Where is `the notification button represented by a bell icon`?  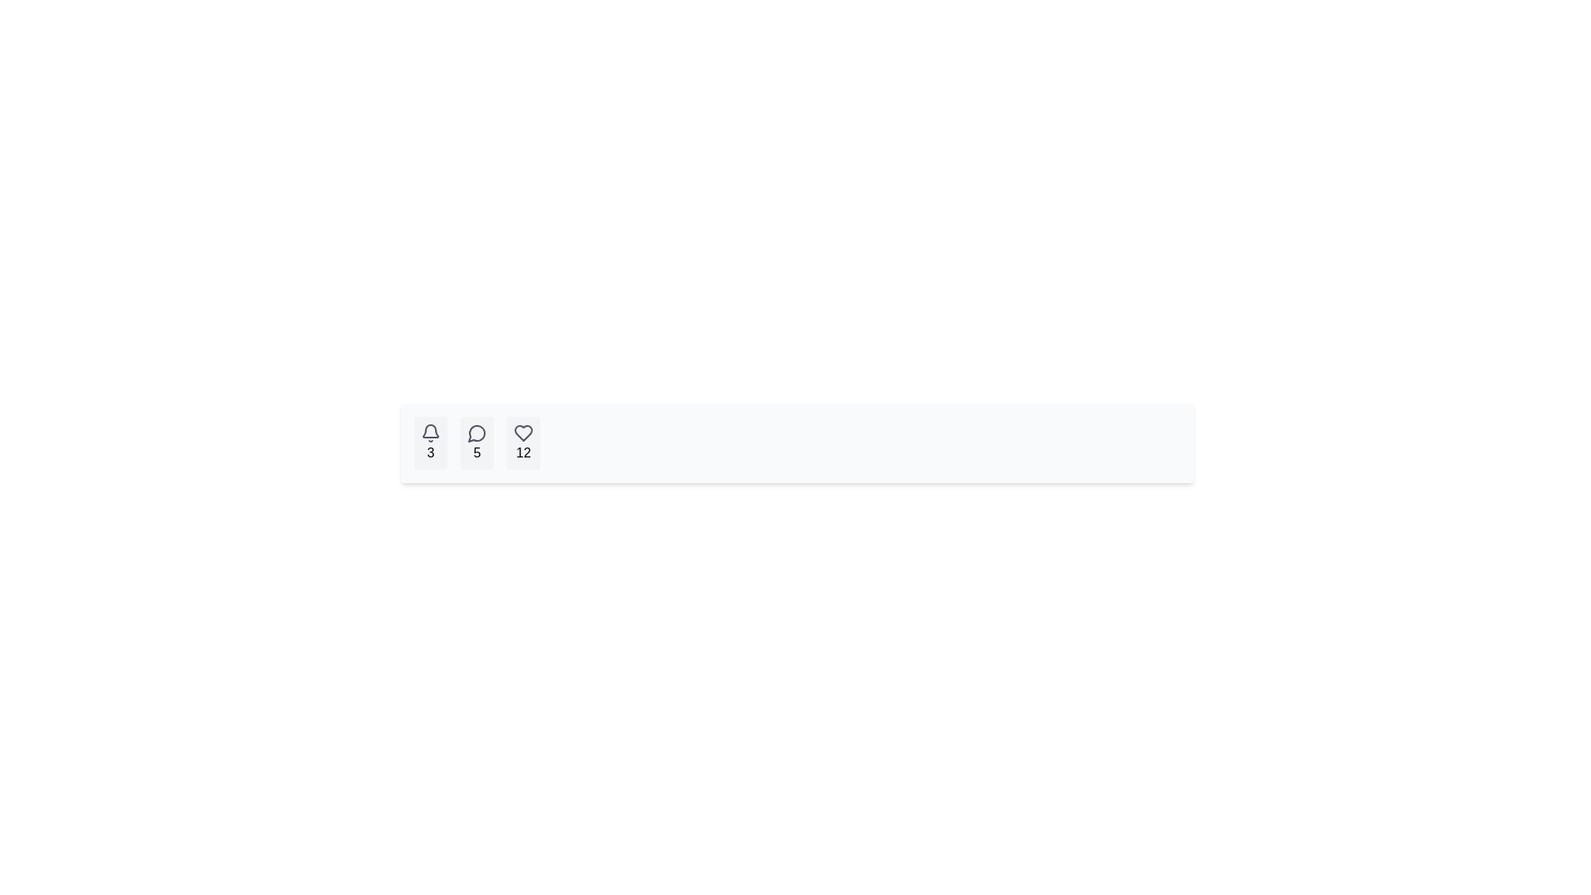
the notification button represented by a bell icon is located at coordinates (430, 443).